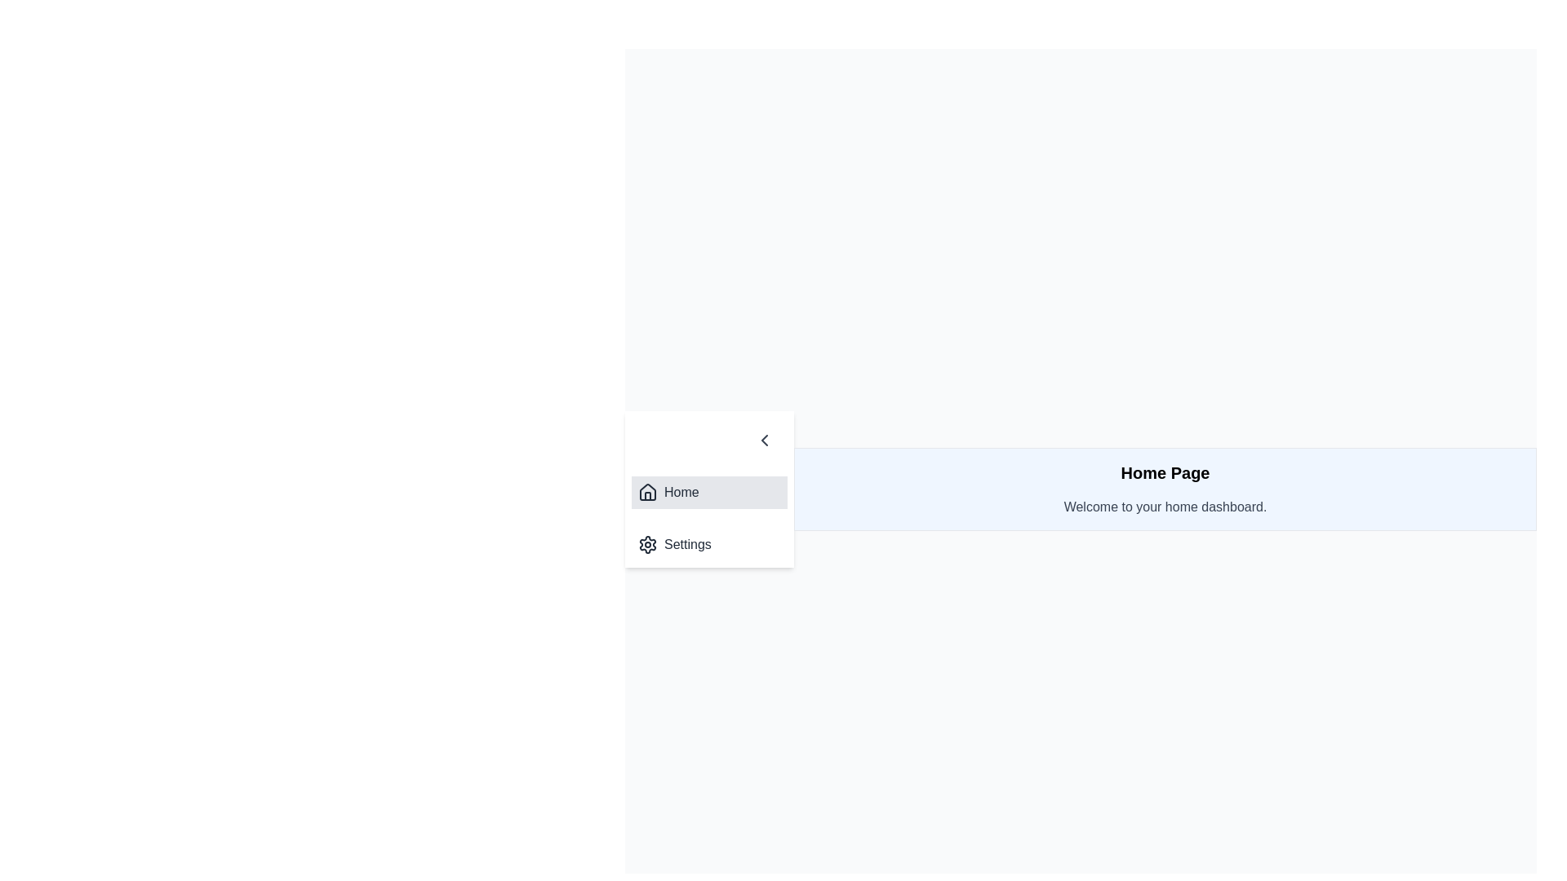 The width and height of the screenshot is (1567, 881). What do you see at coordinates (646, 492) in the screenshot?
I see `the small, circular home icon located to the left of the 'Home' label in the vertical white sidebar` at bounding box center [646, 492].